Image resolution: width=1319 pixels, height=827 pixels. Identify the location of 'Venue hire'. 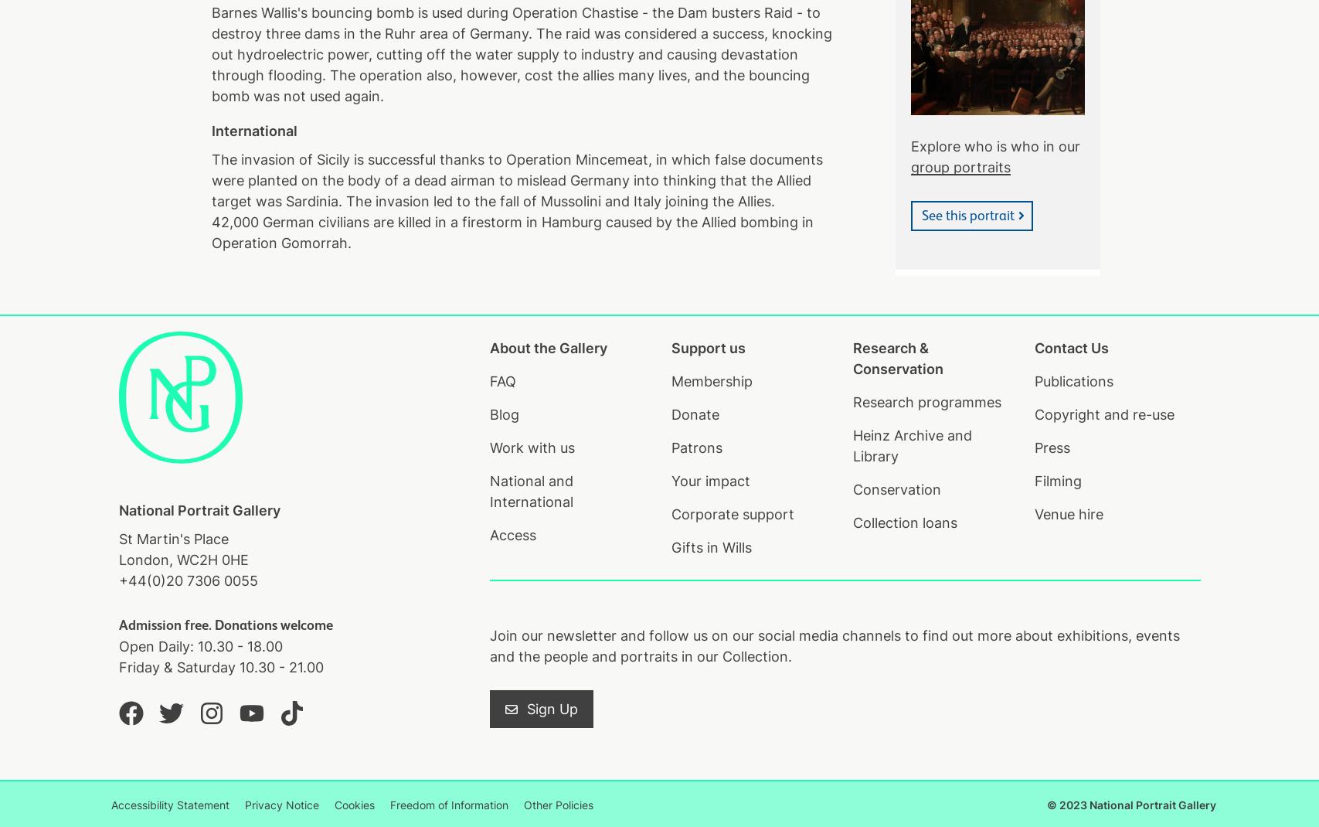
(1067, 514).